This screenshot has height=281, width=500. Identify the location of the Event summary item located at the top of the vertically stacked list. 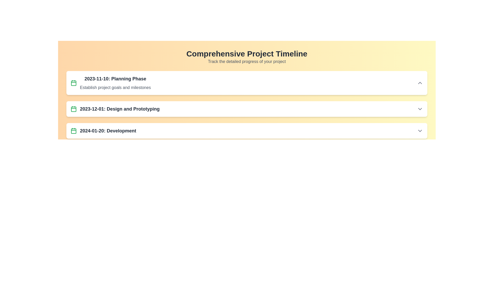
(110, 83).